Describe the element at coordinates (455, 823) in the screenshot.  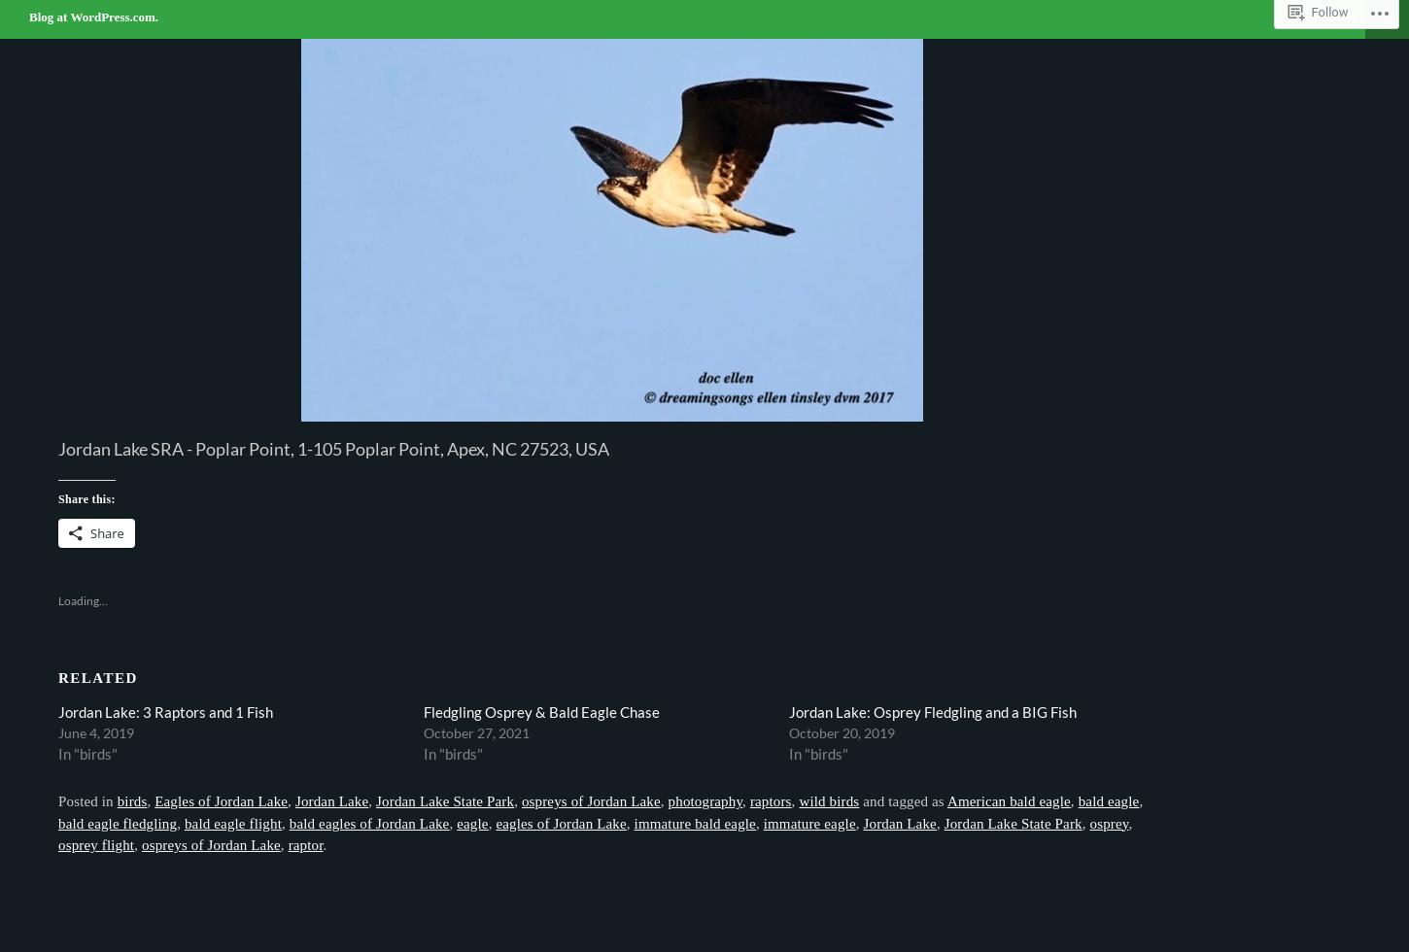
I see `'eagle'` at that location.